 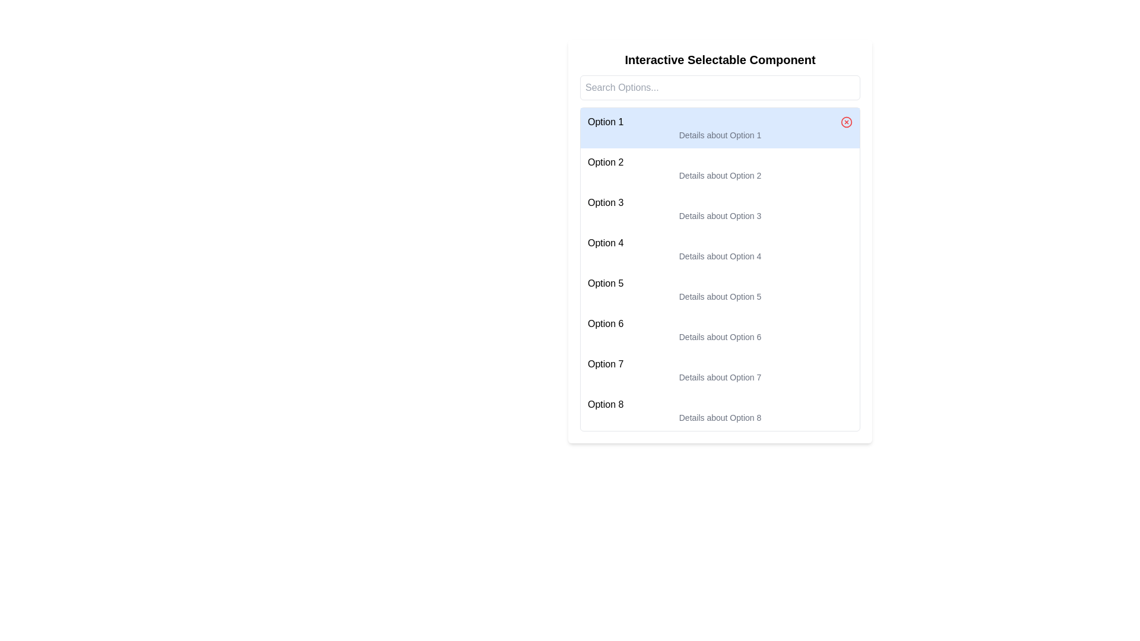 I want to click on the list item representing 'Option 5', so click(x=720, y=290).